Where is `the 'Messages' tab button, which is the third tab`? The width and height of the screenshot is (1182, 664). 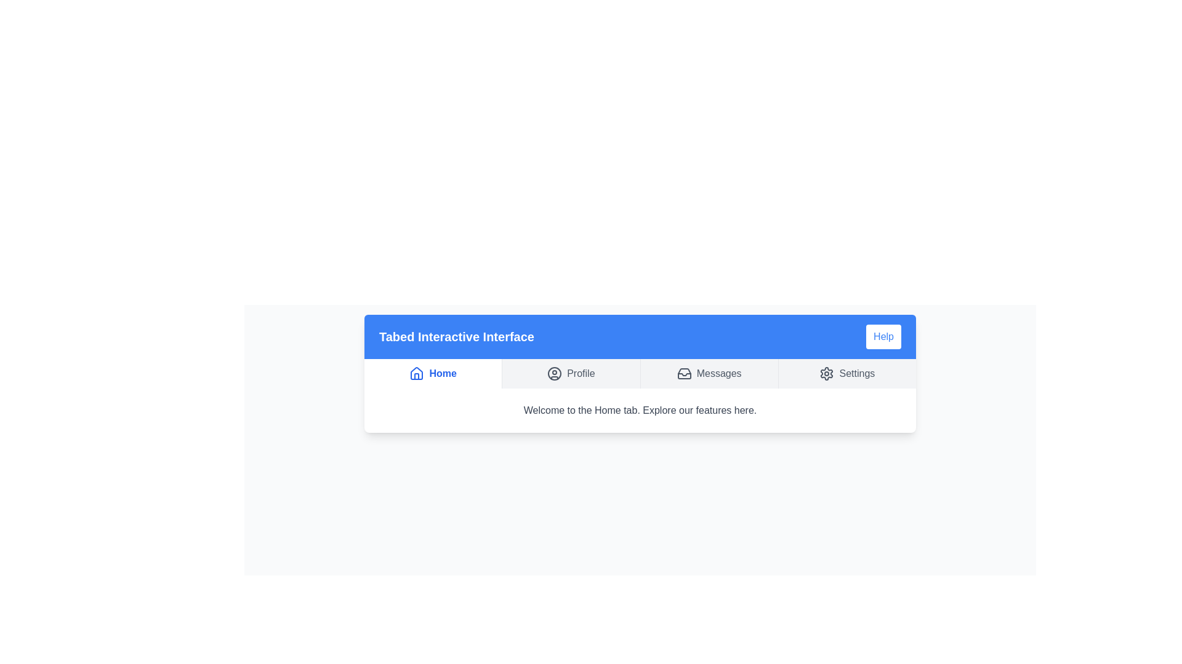
the 'Messages' tab button, which is the third tab is located at coordinates (709, 373).